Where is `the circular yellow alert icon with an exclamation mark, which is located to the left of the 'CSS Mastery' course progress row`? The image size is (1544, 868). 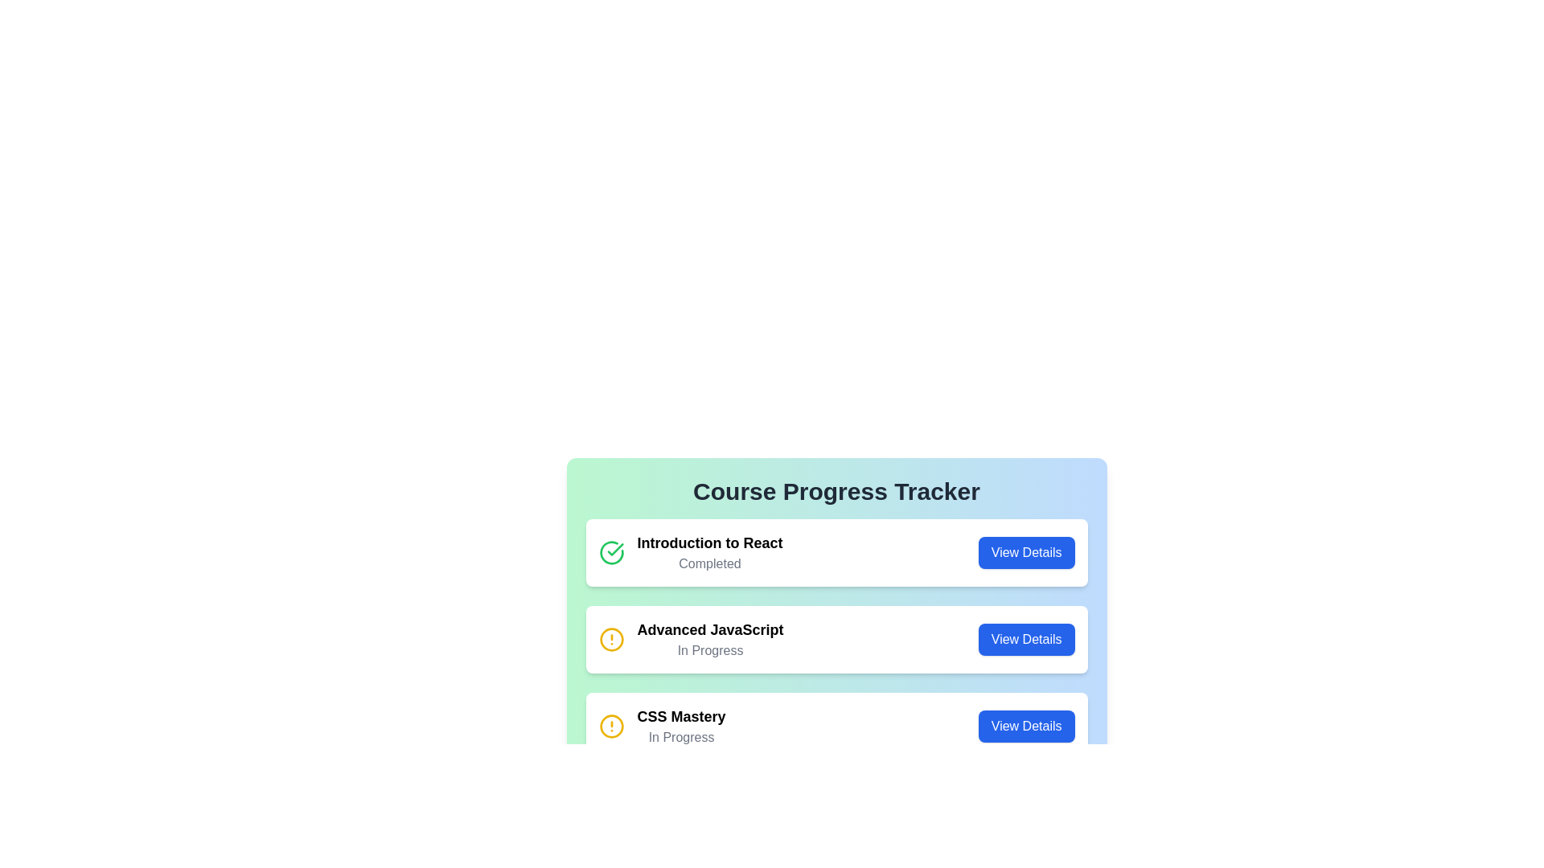 the circular yellow alert icon with an exclamation mark, which is located to the left of the 'CSS Mastery' course progress row is located at coordinates (610, 726).